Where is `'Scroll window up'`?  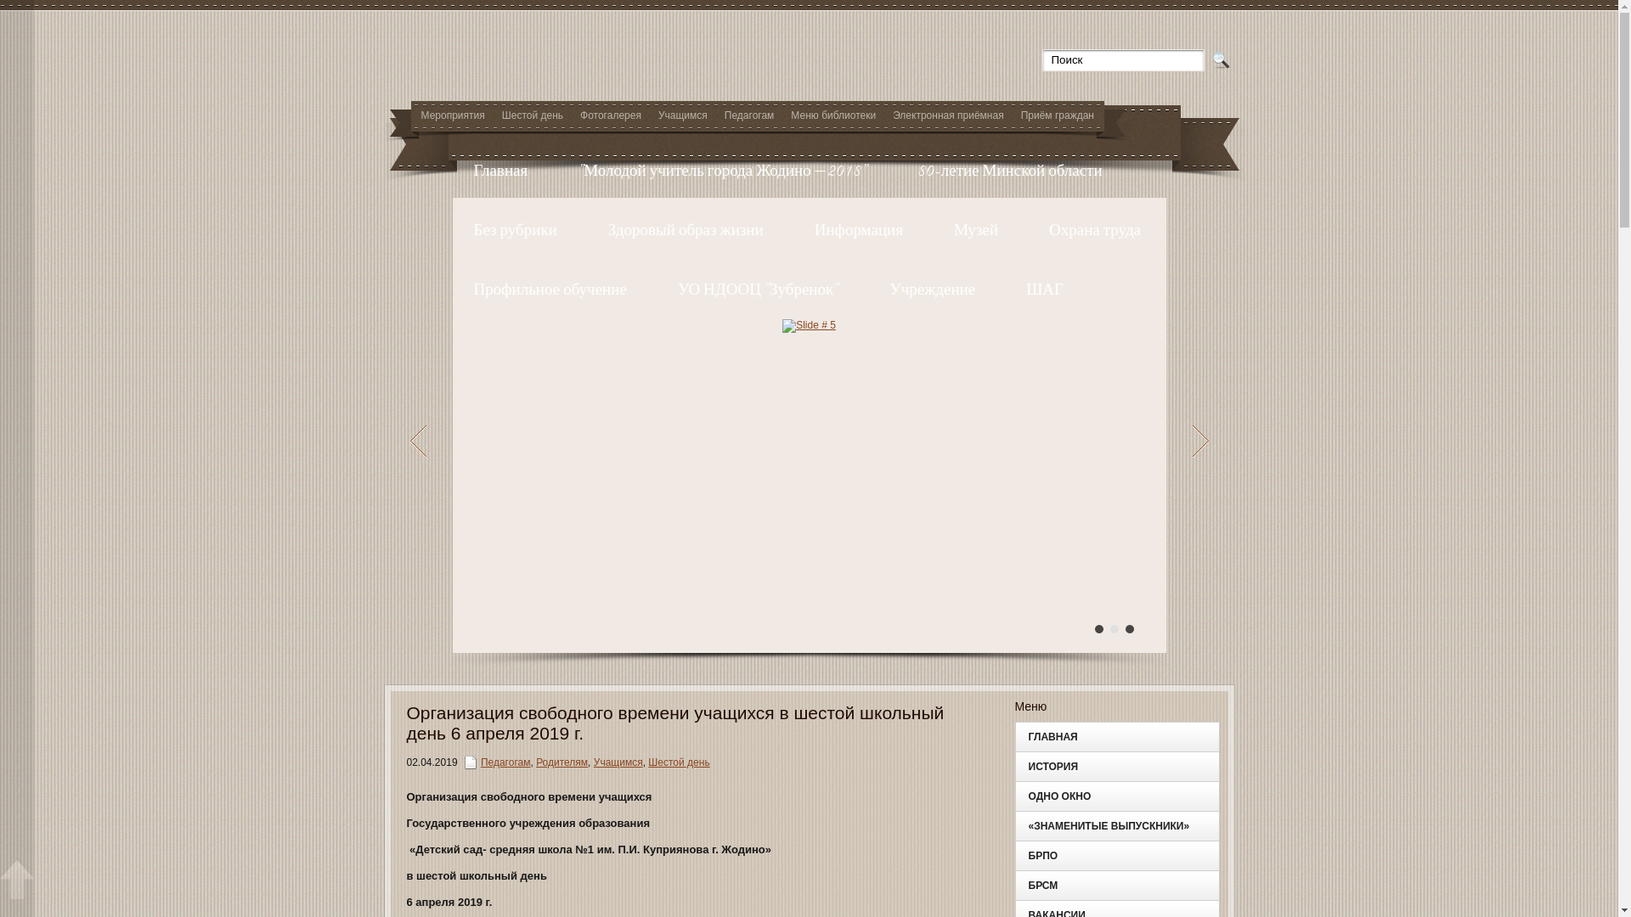 'Scroll window up' is located at coordinates (0, 879).